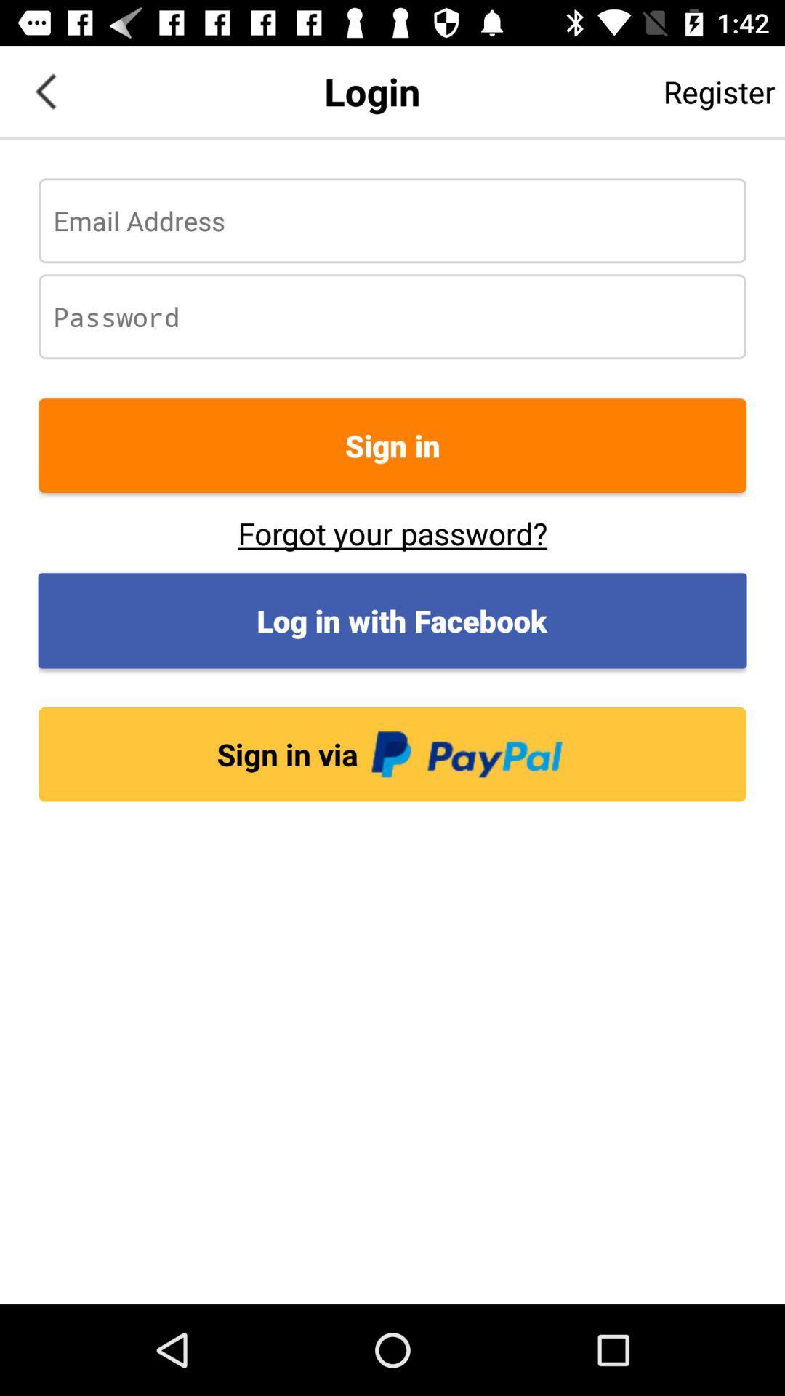 The height and width of the screenshot is (1396, 785). What do you see at coordinates (392, 532) in the screenshot?
I see `item above log in with item` at bounding box center [392, 532].